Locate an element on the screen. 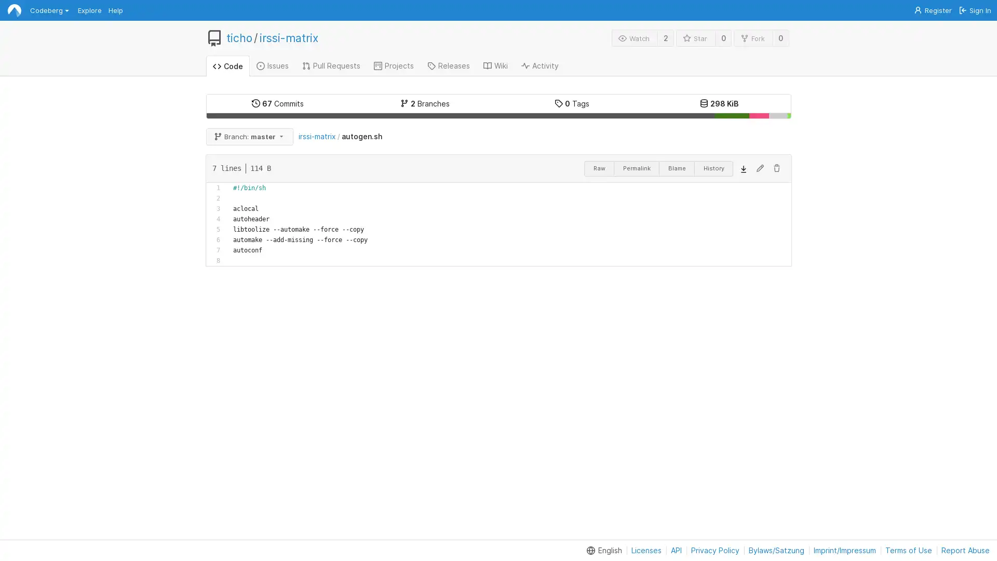 The width and height of the screenshot is (997, 561). Watch is located at coordinates (634, 37).